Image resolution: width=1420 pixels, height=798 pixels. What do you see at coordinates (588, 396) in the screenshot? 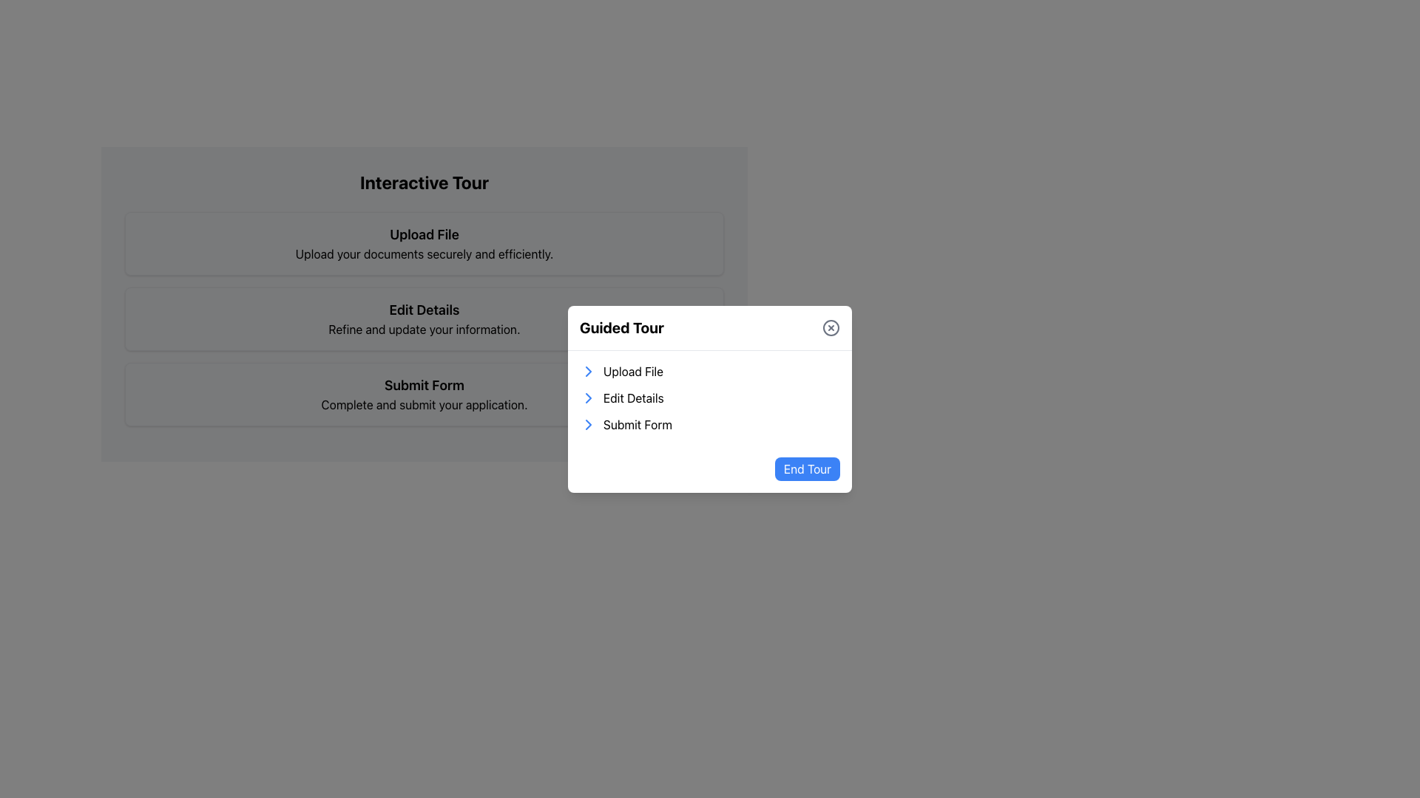
I see `the chevron icon associated with the 'Edit Details' item in the 'Guided Tour' box` at bounding box center [588, 396].